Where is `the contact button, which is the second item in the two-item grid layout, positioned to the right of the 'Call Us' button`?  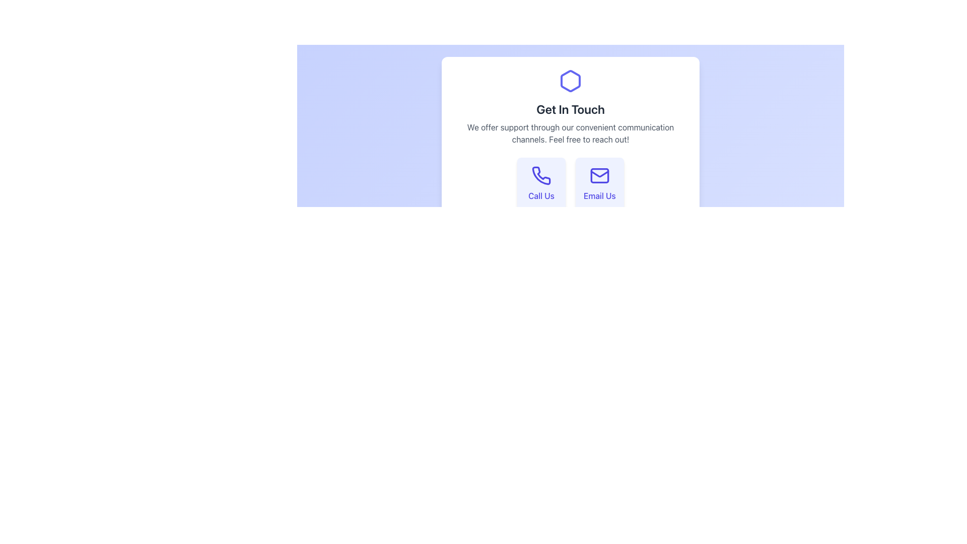
the contact button, which is the second item in the two-item grid layout, positioned to the right of the 'Call Us' button is located at coordinates (599, 184).